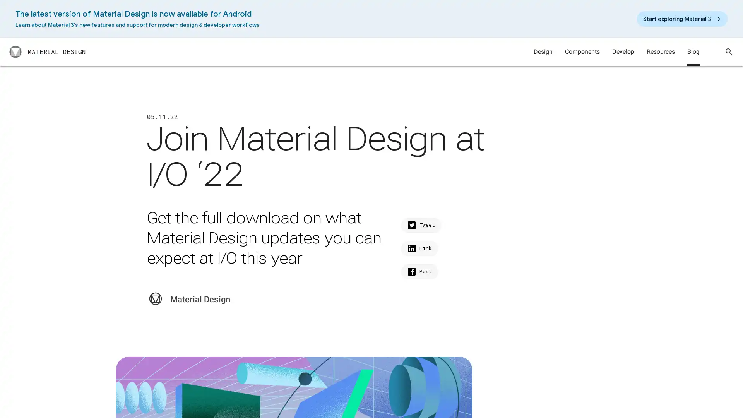 The height and width of the screenshot is (418, 743). What do you see at coordinates (419, 248) in the screenshot?
I see `share on Linkedin` at bounding box center [419, 248].